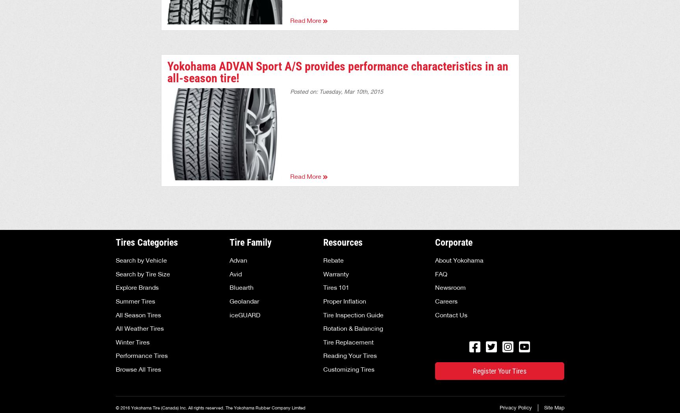  I want to click on 'iceGUARD', so click(245, 314).